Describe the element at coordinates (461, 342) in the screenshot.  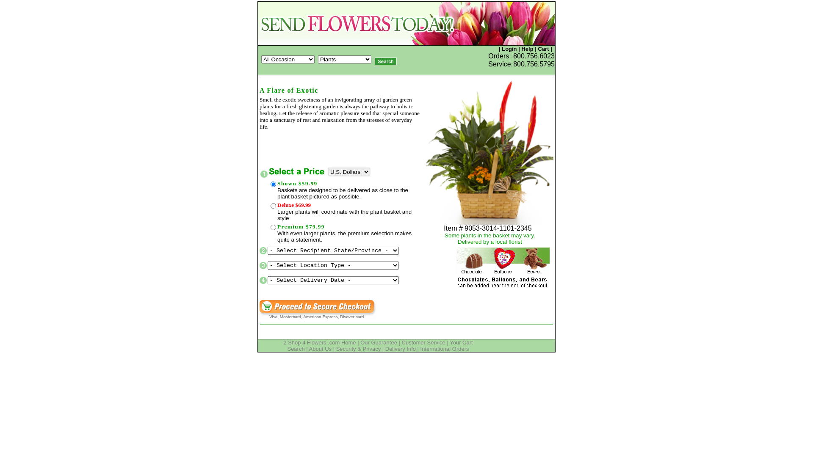
I see `'Your Cart'` at that location.